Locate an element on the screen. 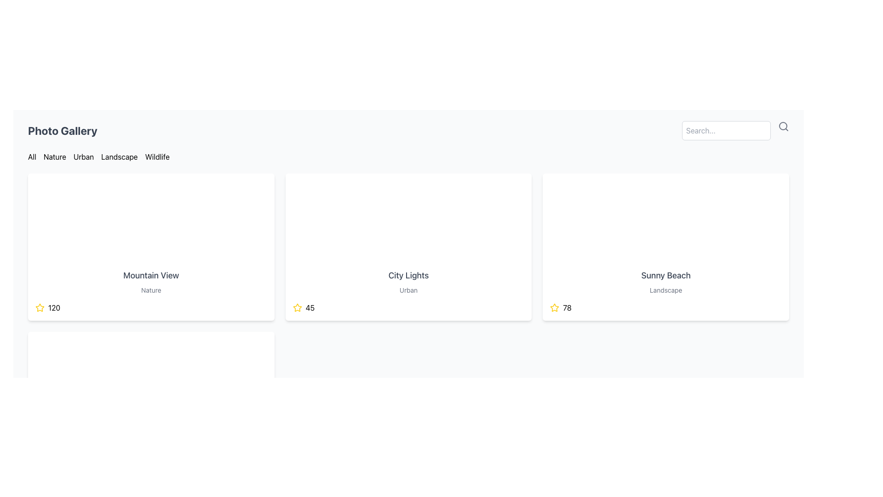 The height and width of the screenshot is (497, 883). the first card component is located at coordinates (151, 246).